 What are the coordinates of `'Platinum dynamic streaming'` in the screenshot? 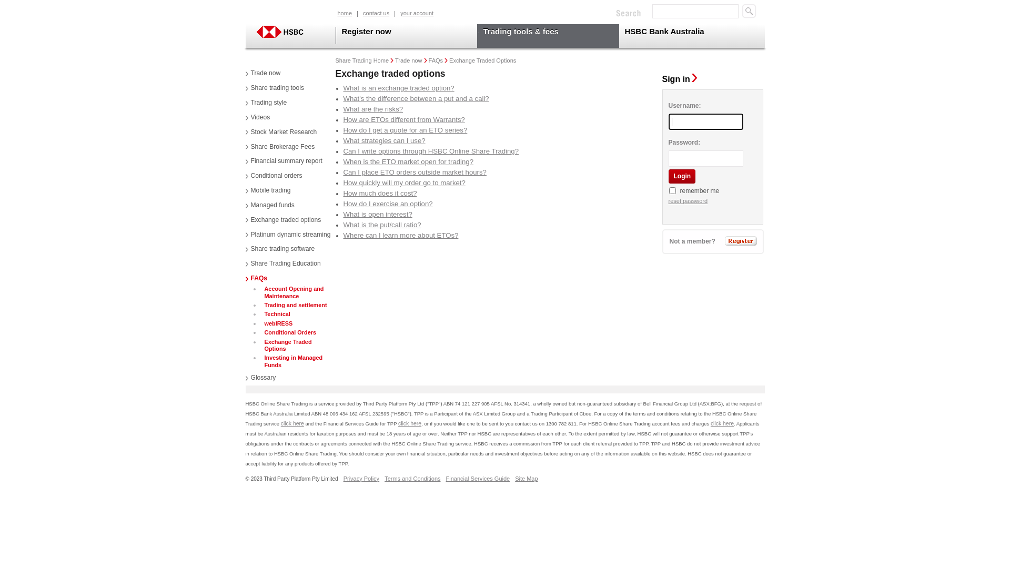 It's located at (288, 235).